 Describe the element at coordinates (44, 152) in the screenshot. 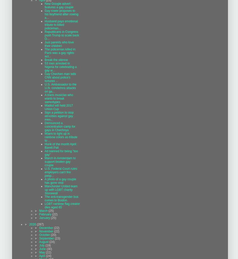

I see `'Ad banned for being "too gay"'` at that location.